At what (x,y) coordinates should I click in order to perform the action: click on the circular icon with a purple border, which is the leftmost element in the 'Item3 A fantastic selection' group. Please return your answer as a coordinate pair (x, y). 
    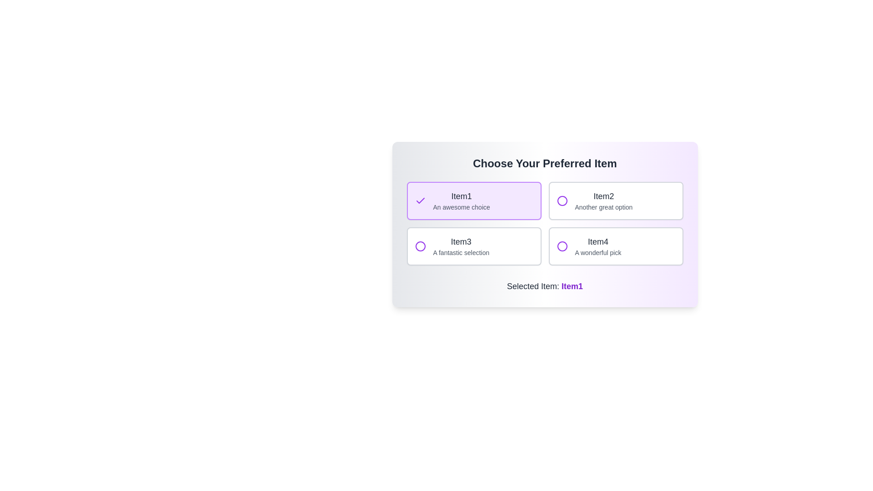
    Looking at the image, I should click on (420, 246).